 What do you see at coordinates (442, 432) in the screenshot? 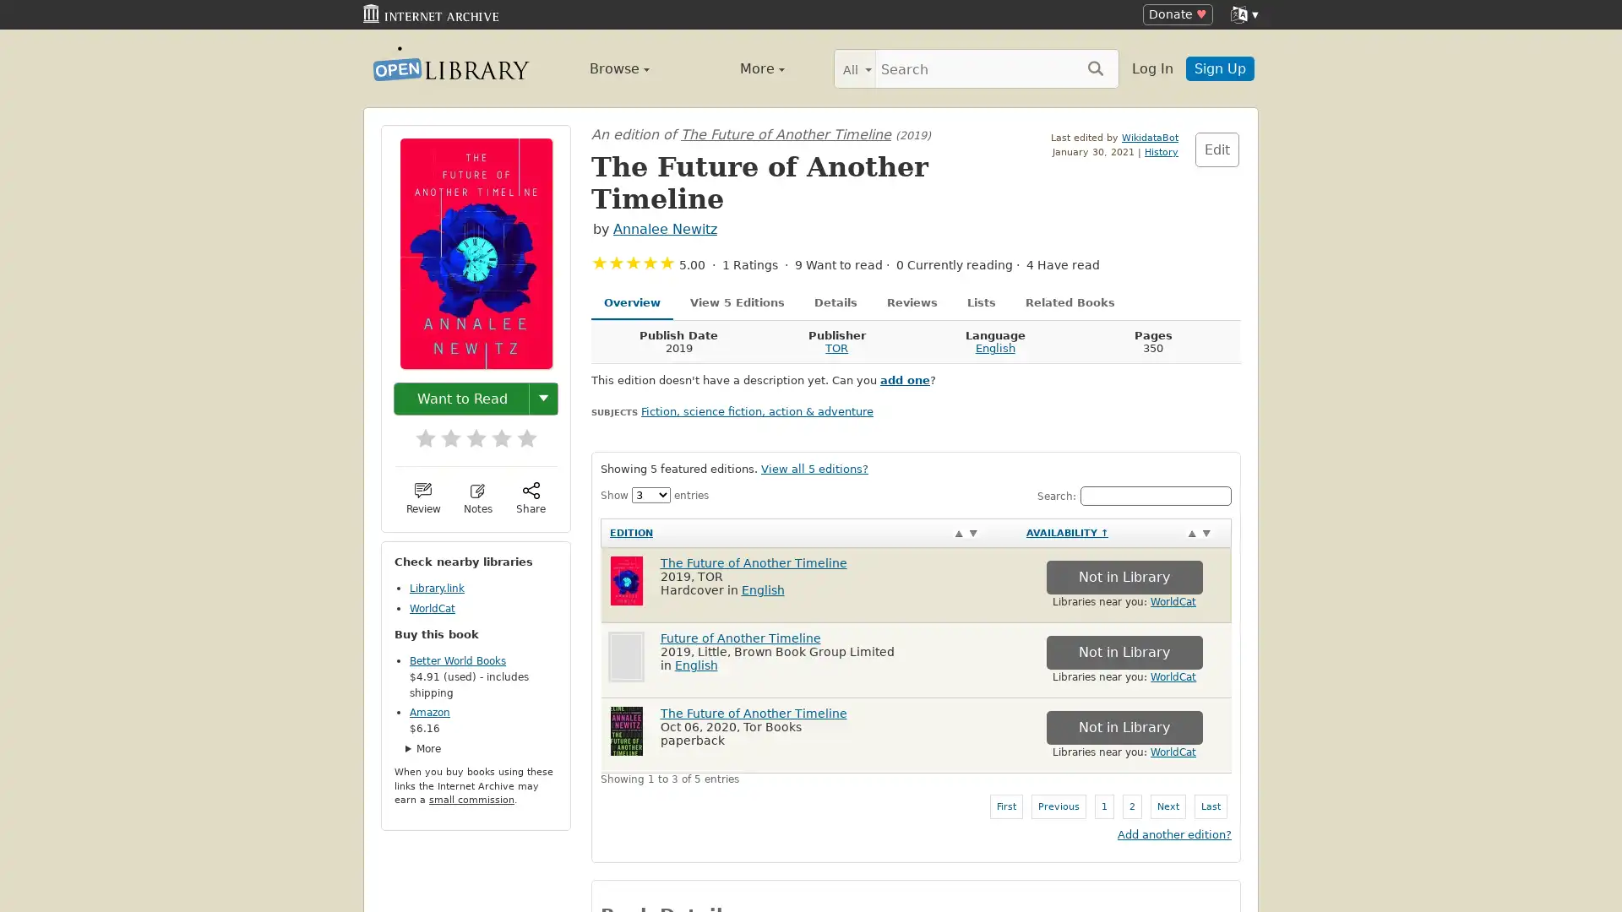
I see `2` at bounding box center [442, 432].